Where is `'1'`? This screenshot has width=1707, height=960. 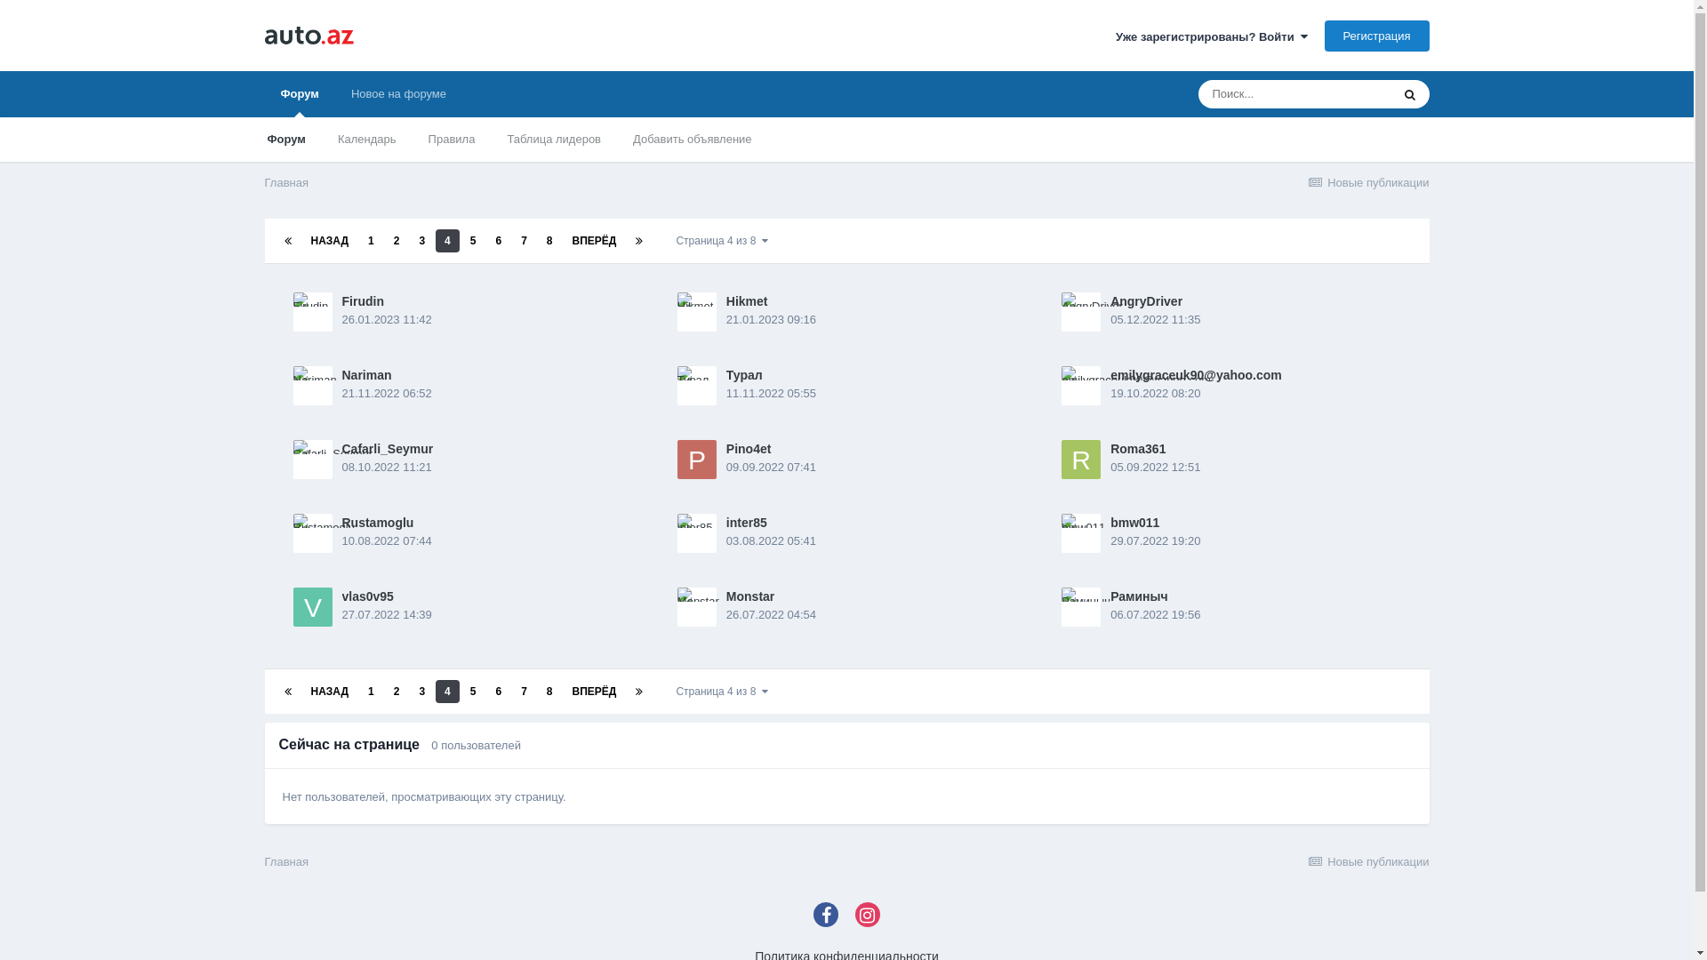 '1' is located at coordinates (370, 240).